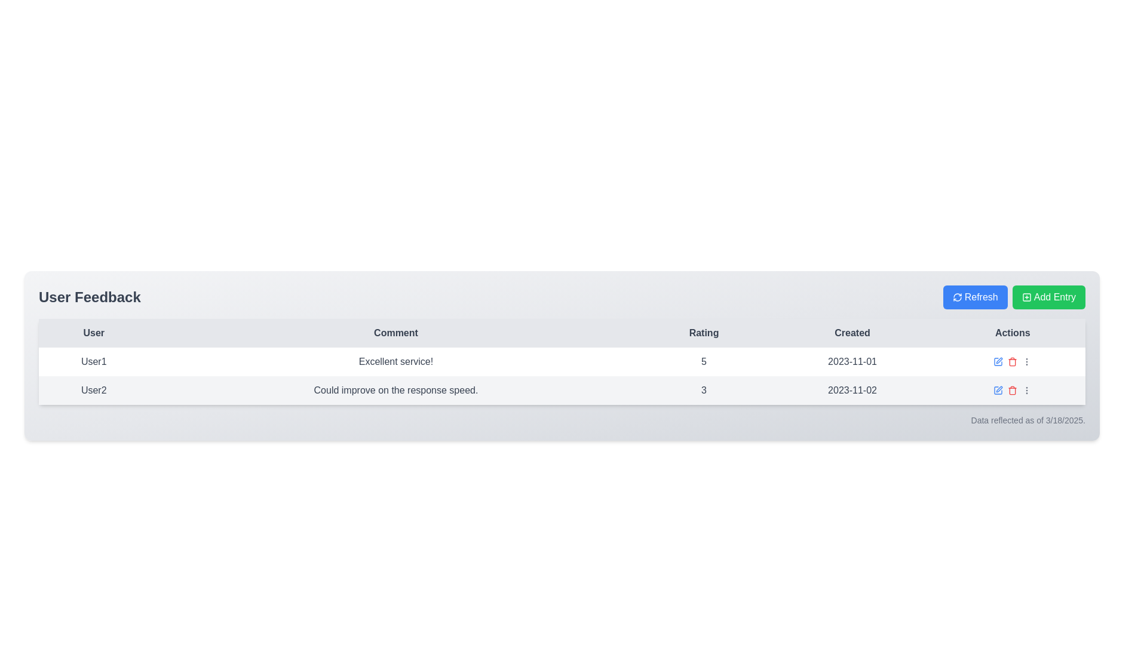  What do you see at coordinates (998, 391) in the screenshot?
I see `the edit button icon, which is a small blue square with a pen, located on the right side of 'User2' in the 'Actions' column of the table, to initiate editing` at bounding box center [998, 391].